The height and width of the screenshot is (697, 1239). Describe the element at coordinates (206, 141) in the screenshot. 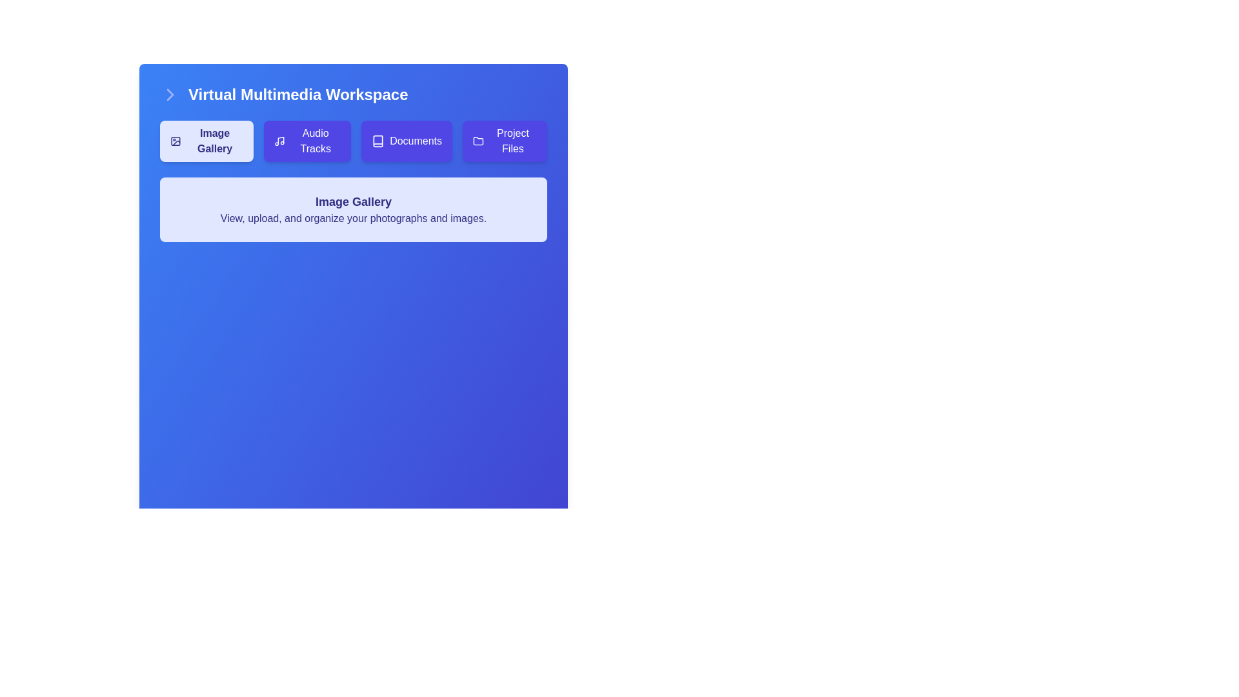

I see `the 'Image Gallery' button, which is a rectangular button with rounded corners, light indigo background, and indigo text` at that location.